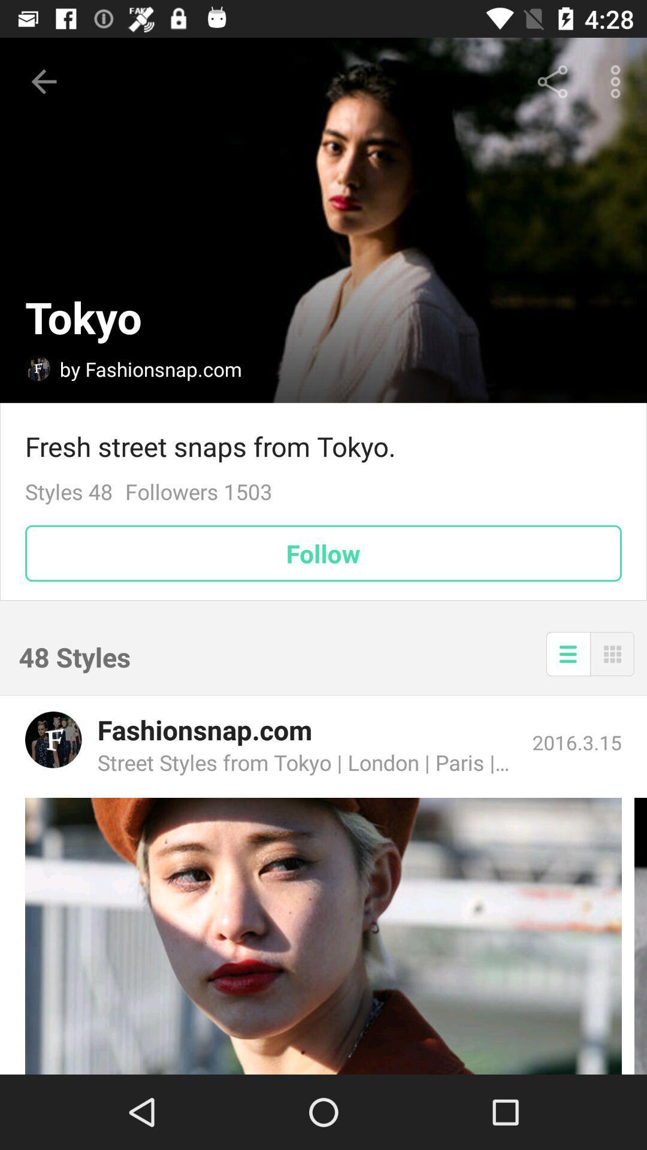 Image resolution: width=647 pixels, height=1150 pixels. What do you see at coordinates (43, 81) in the screenshot?
I see `the icon above the tokyo` at bounding box center [43, 81].